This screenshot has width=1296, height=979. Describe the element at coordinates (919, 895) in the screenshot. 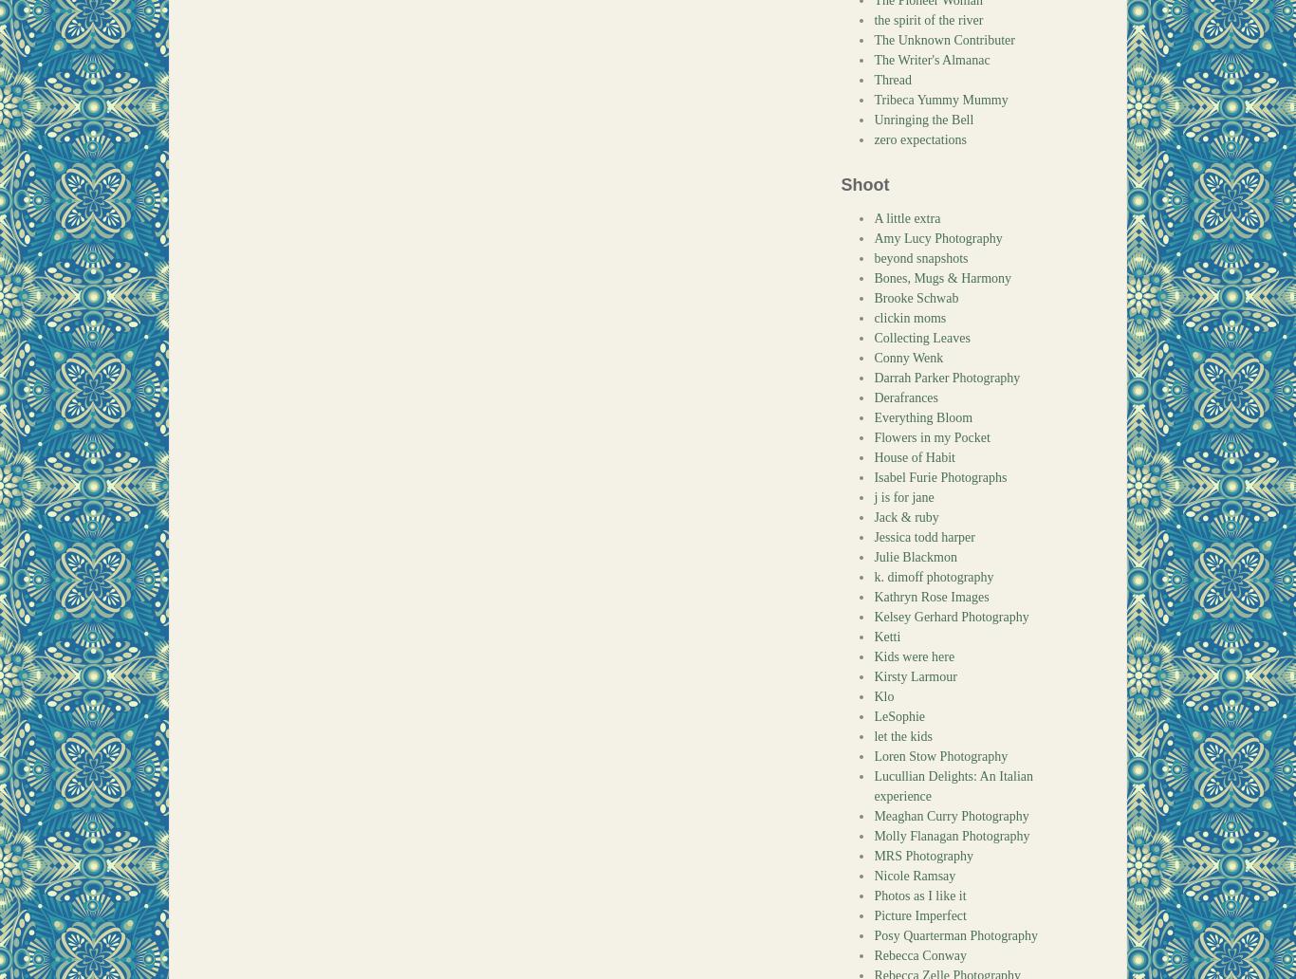

I see `'Photos as I like it'` at that location.